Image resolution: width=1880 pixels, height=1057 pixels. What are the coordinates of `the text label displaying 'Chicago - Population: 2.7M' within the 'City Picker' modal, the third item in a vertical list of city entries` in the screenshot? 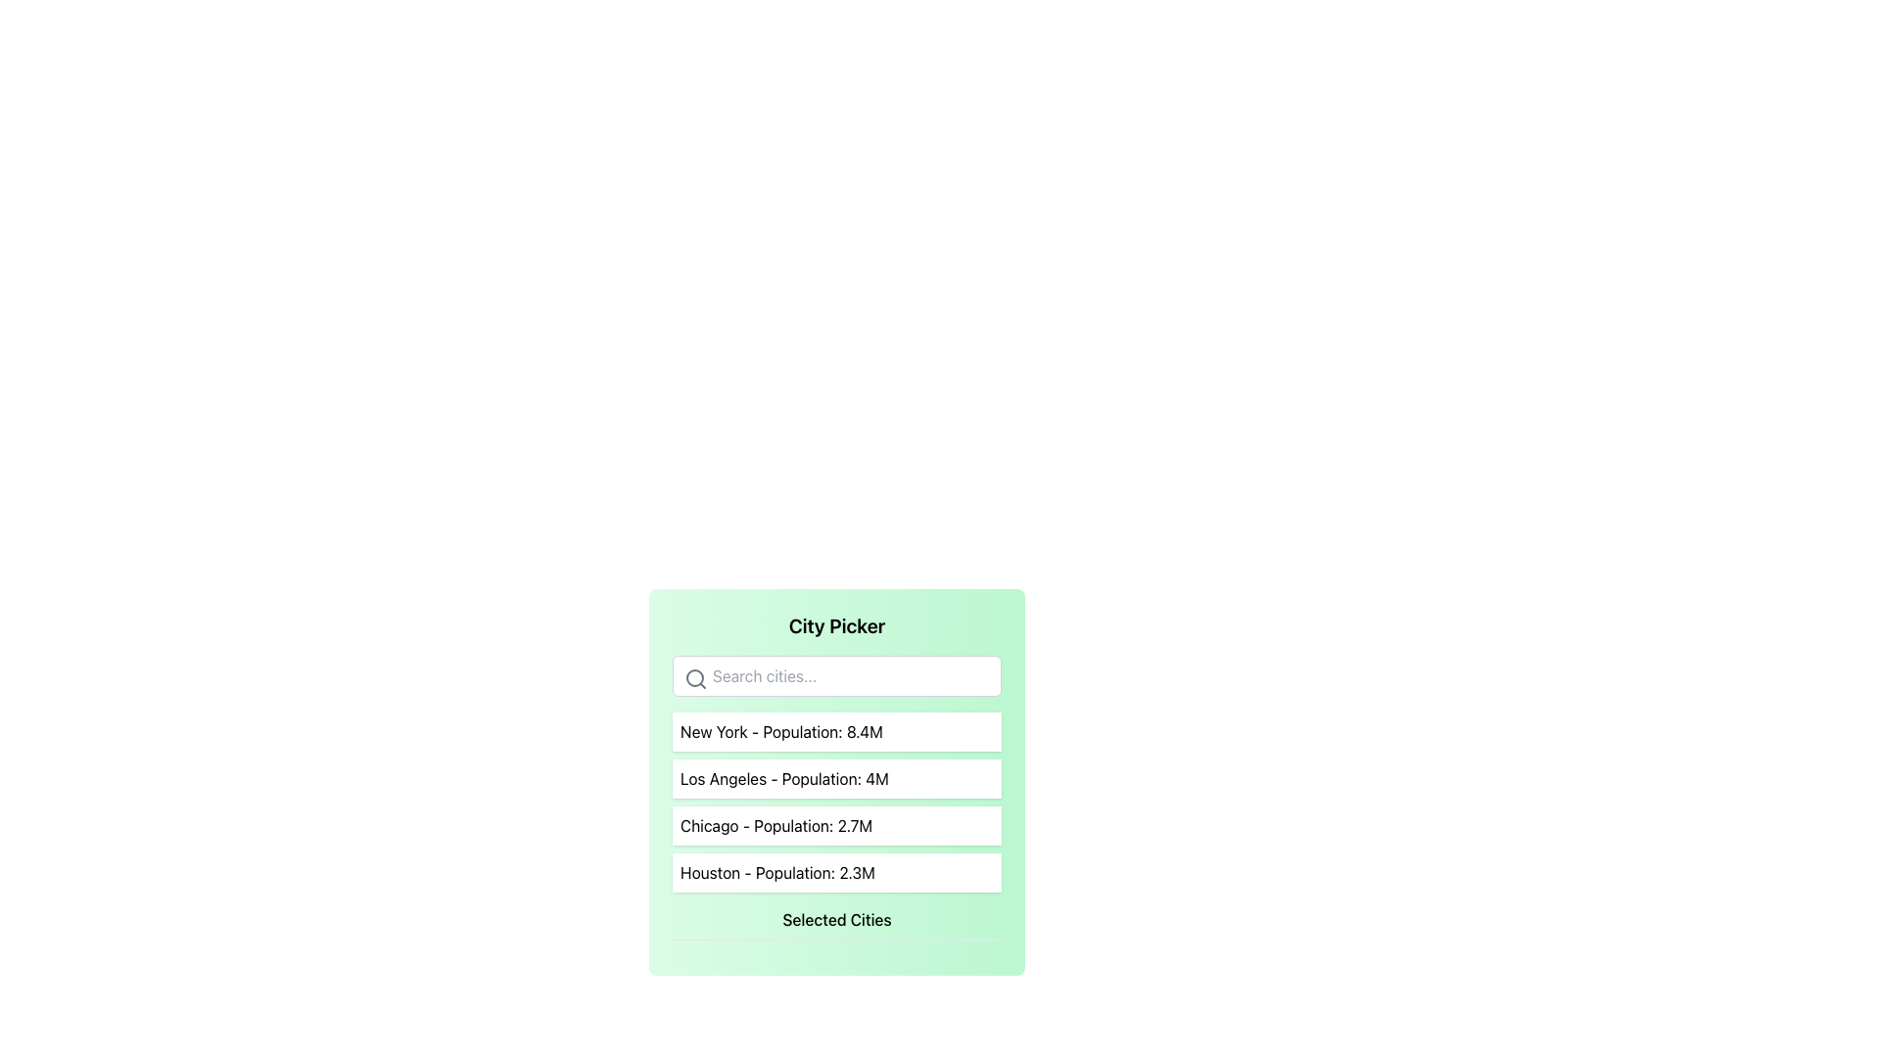 It's located at (775, 826).